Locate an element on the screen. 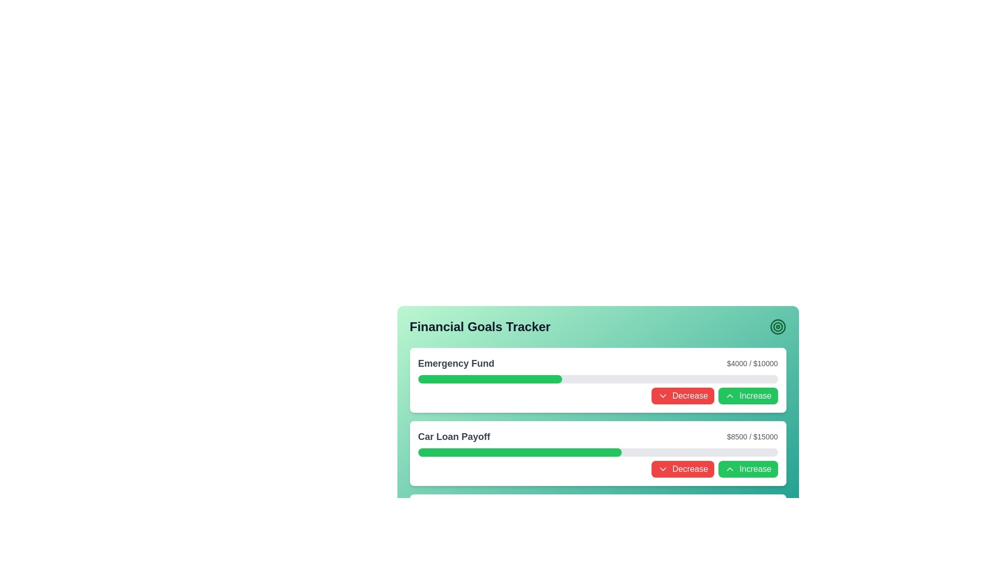 This screenshot has height=565, width=1004. the 'Emergency Fund' text label in the Financial Goals Tracker section, which indicates the category for the associated progress bar and goal range is located at coordinates (456, 363).